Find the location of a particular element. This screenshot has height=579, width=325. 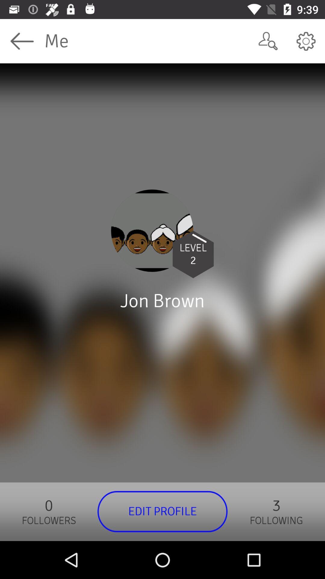

app below jon brown app is located at coordinates (162, 511).